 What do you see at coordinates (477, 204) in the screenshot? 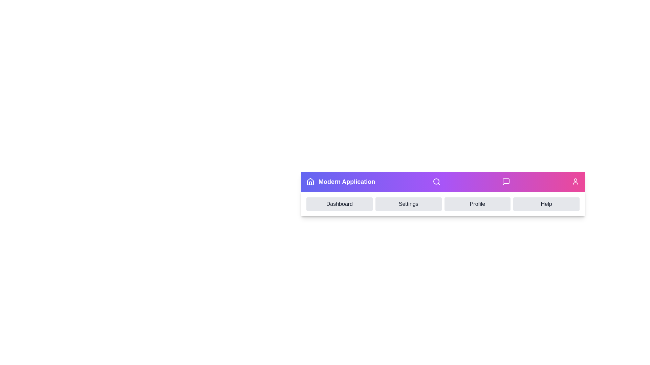
I see `the menu item Profile in the navigation menu` at bounding box center [477, 204].